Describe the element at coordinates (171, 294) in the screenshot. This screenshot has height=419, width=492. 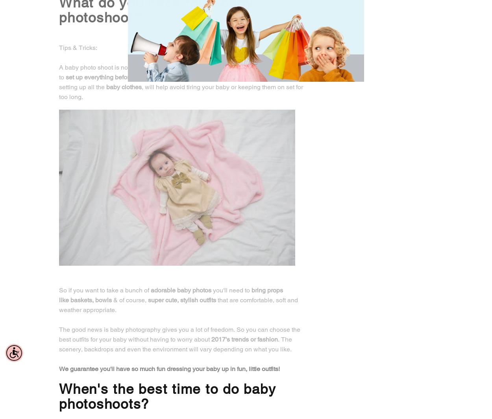
I see `'bring props like baskets, bowls'` at that location.